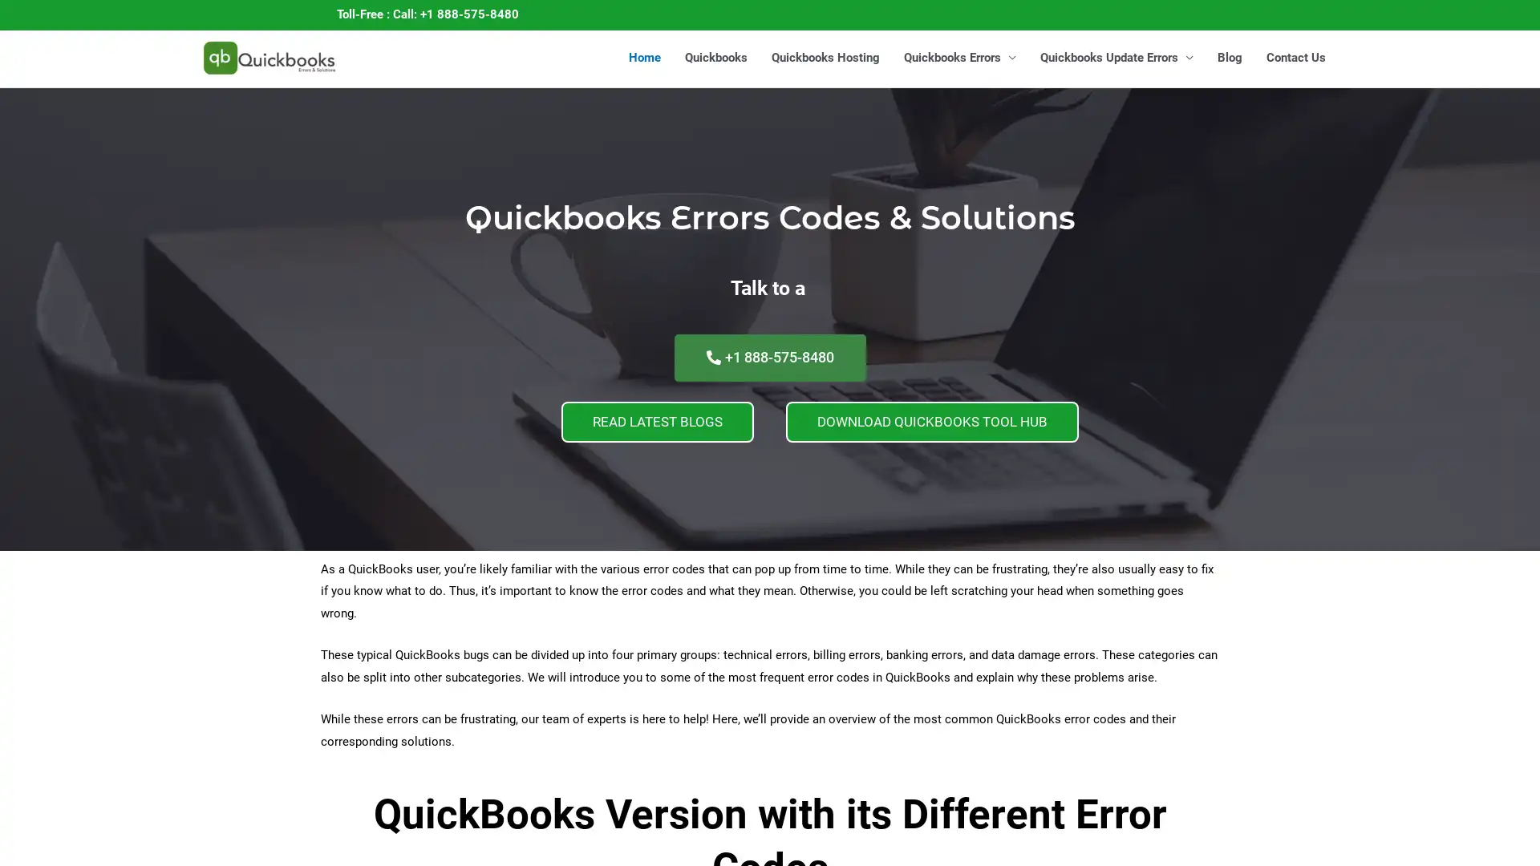  What do you see at coordinates (932, 420) in the screenshot?
I see `DOWNLOAD QUICKBOOKS TOOL HUB` at bounding box center [932, 420].